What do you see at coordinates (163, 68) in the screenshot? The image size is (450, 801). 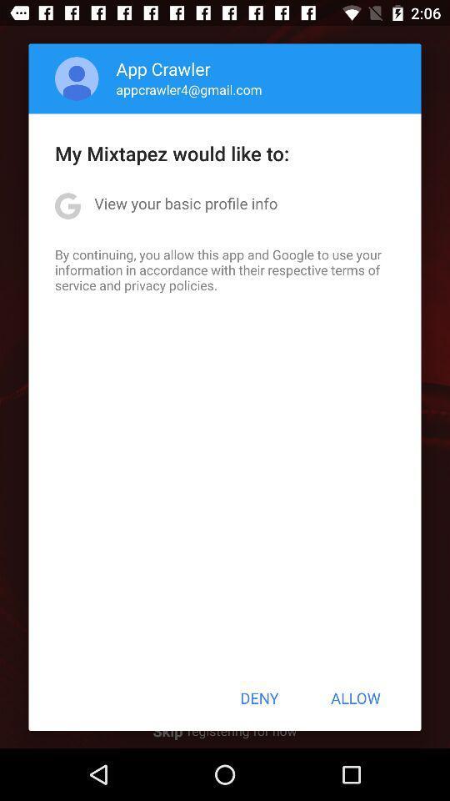 I see `app crawler` at bounding box center [163, 68].